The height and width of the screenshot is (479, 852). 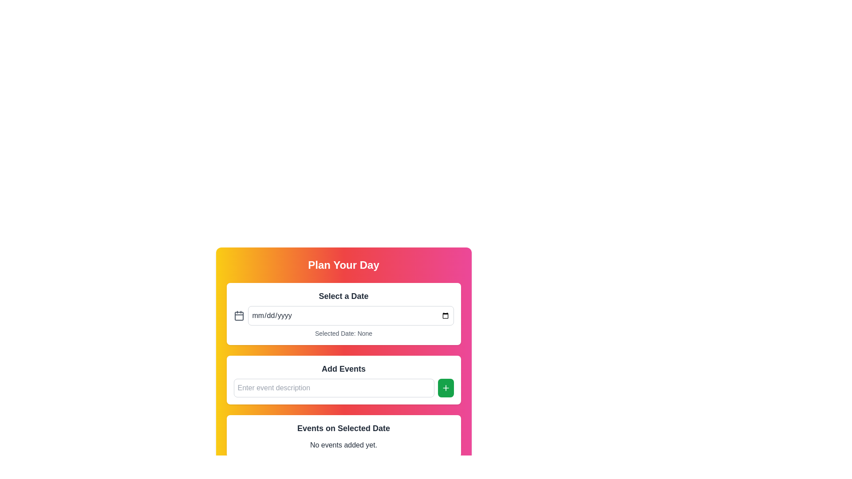 What do you see at coordinates (446, 388) in the screenshot?
I see `the interactive button used to add a new event to the list by` at bounding box center [446, 388].